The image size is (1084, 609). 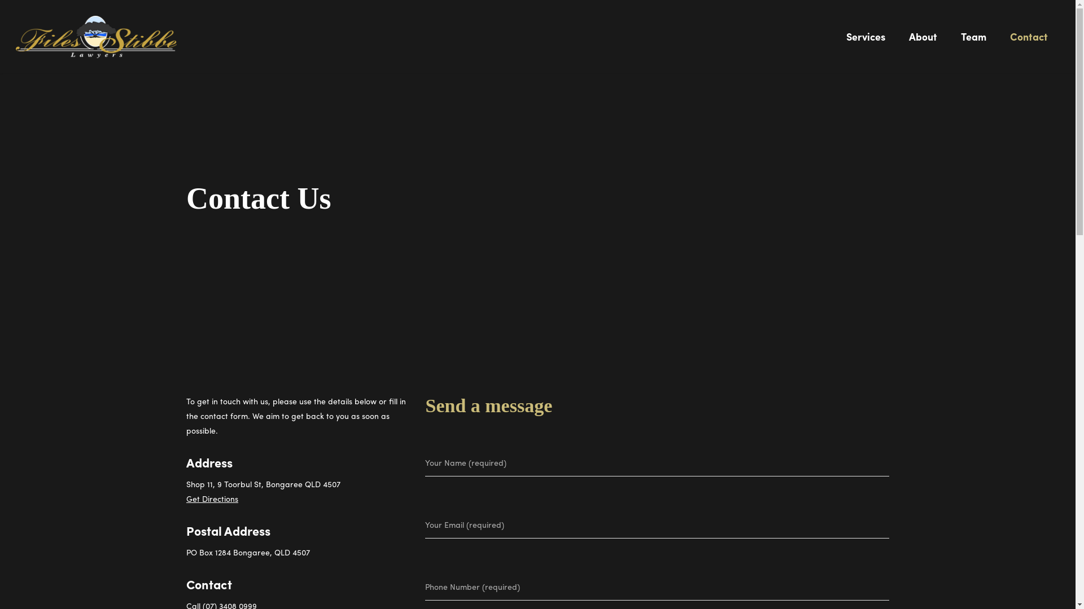 I want to click on 'About', so click(x=923, y=43).